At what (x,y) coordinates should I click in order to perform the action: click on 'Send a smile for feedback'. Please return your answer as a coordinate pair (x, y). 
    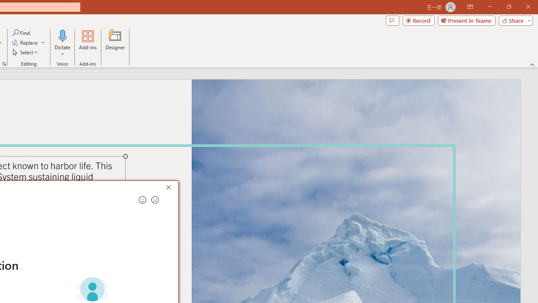
    Looking at the image, I should click on (142, 200).